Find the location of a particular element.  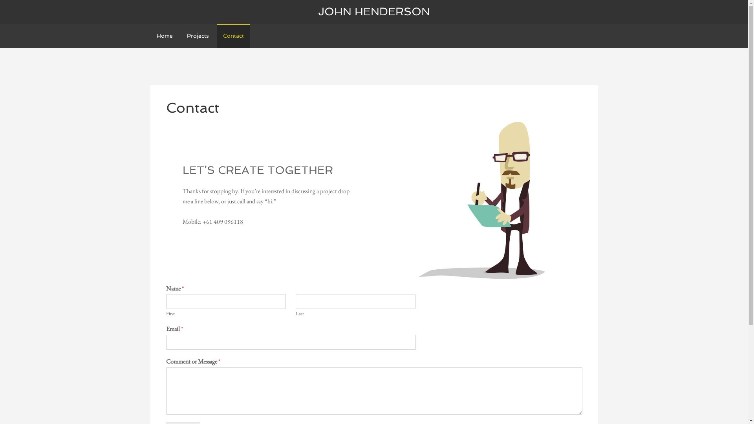

'Home' is located at coordinates (164, 36).